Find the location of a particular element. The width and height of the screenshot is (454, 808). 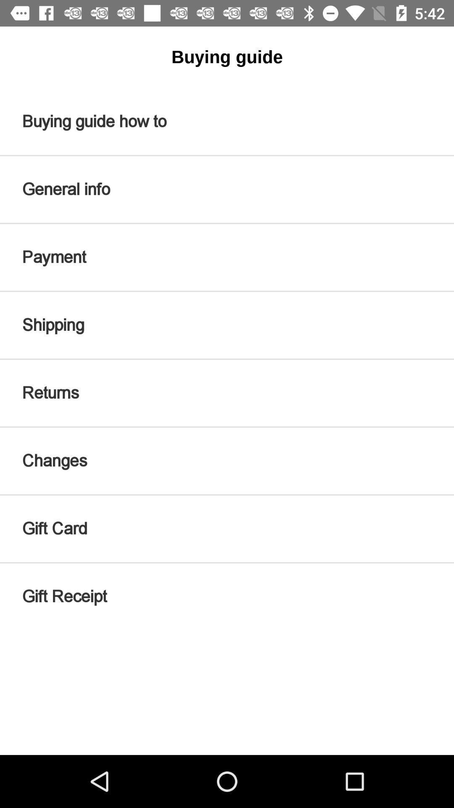

the gift card is located at coordinates (227, 528).